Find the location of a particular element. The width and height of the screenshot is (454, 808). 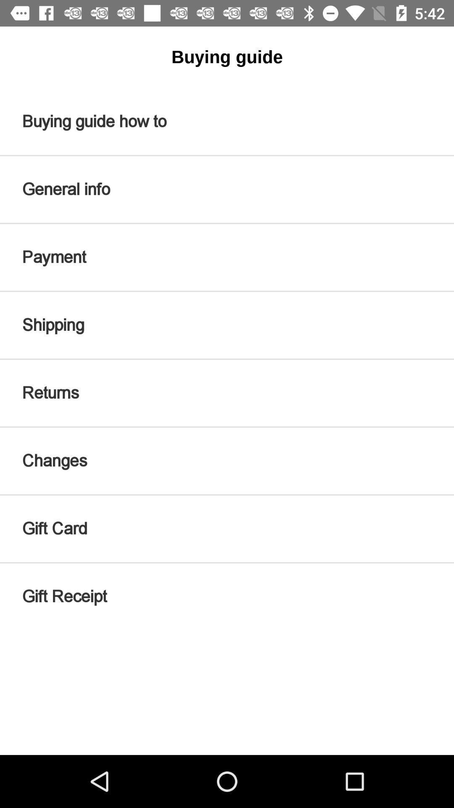

the gift card is located at coordinates (227, 528).